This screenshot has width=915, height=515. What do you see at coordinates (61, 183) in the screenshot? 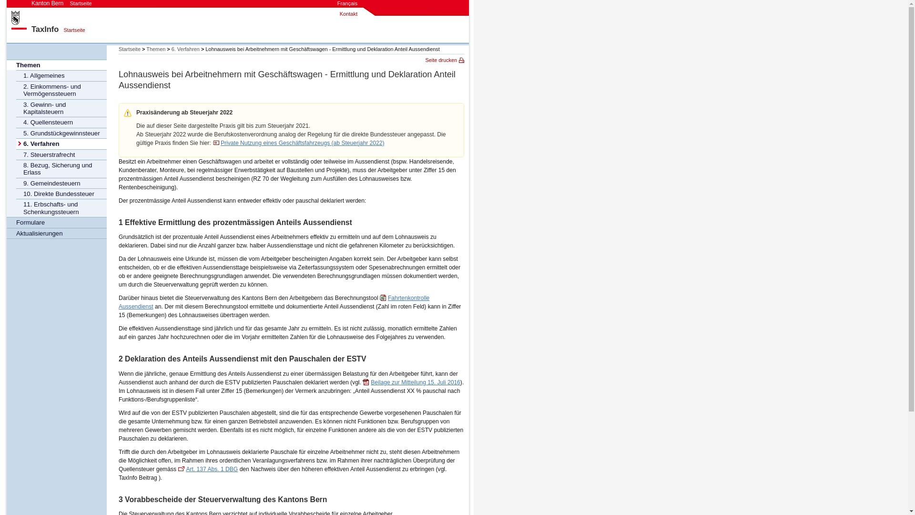
I see `'9. Gemeindesteuern'` at bounding box center [61, 183].